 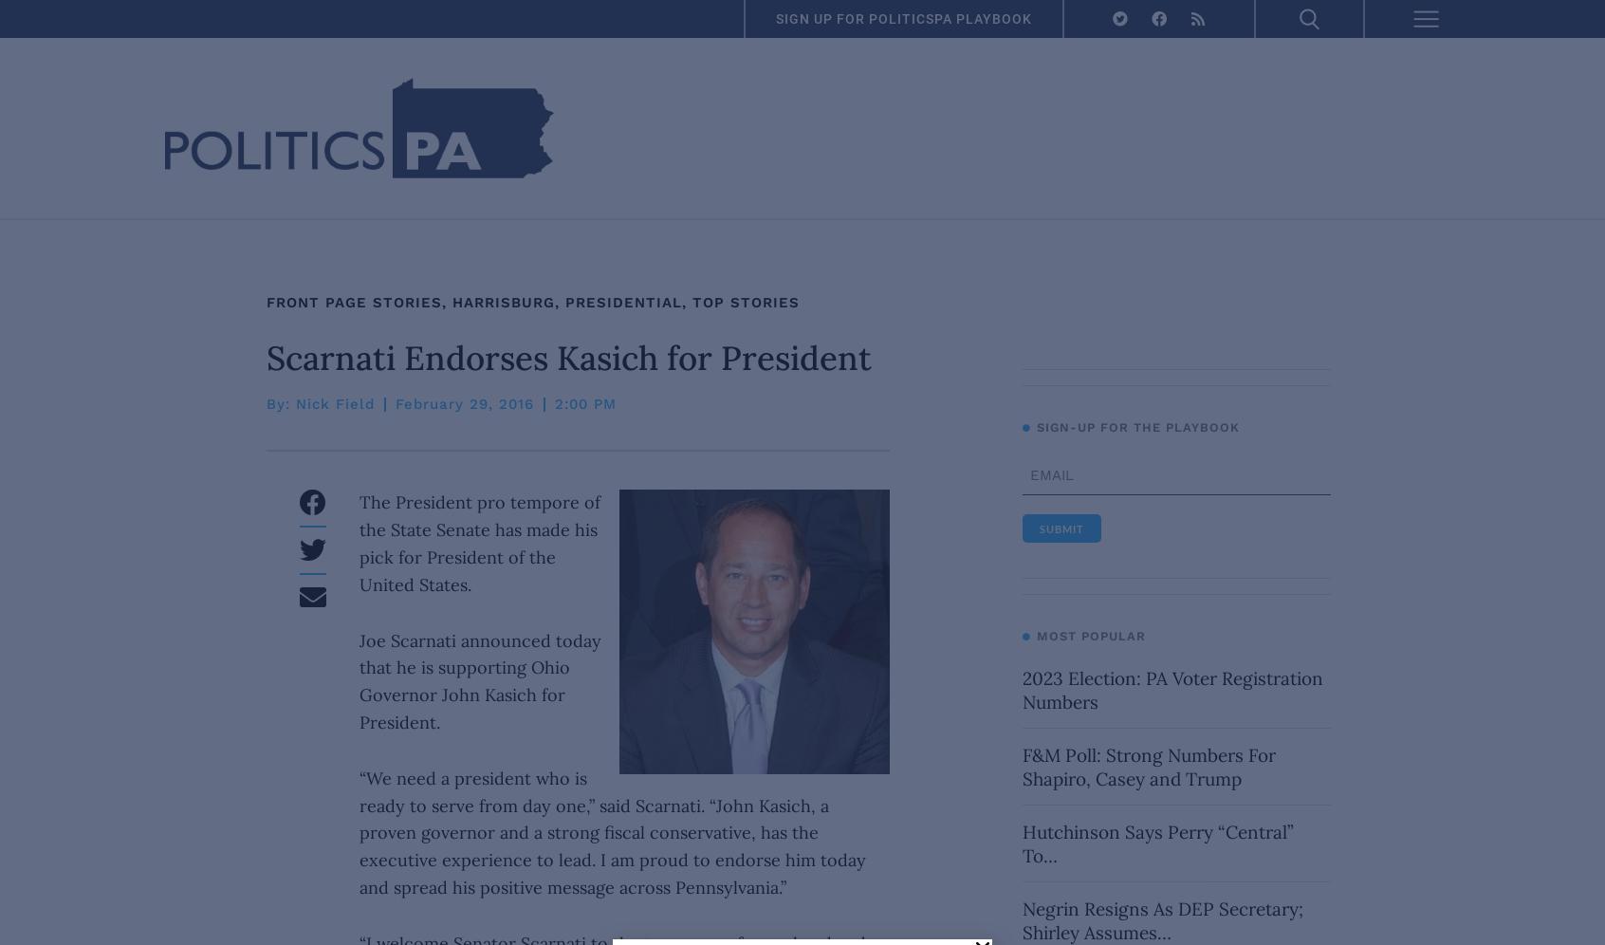 I want to click on 'Negrin Resigns As DEP Secretary; Shirley Assumes…', so click(x=1021, y=919).